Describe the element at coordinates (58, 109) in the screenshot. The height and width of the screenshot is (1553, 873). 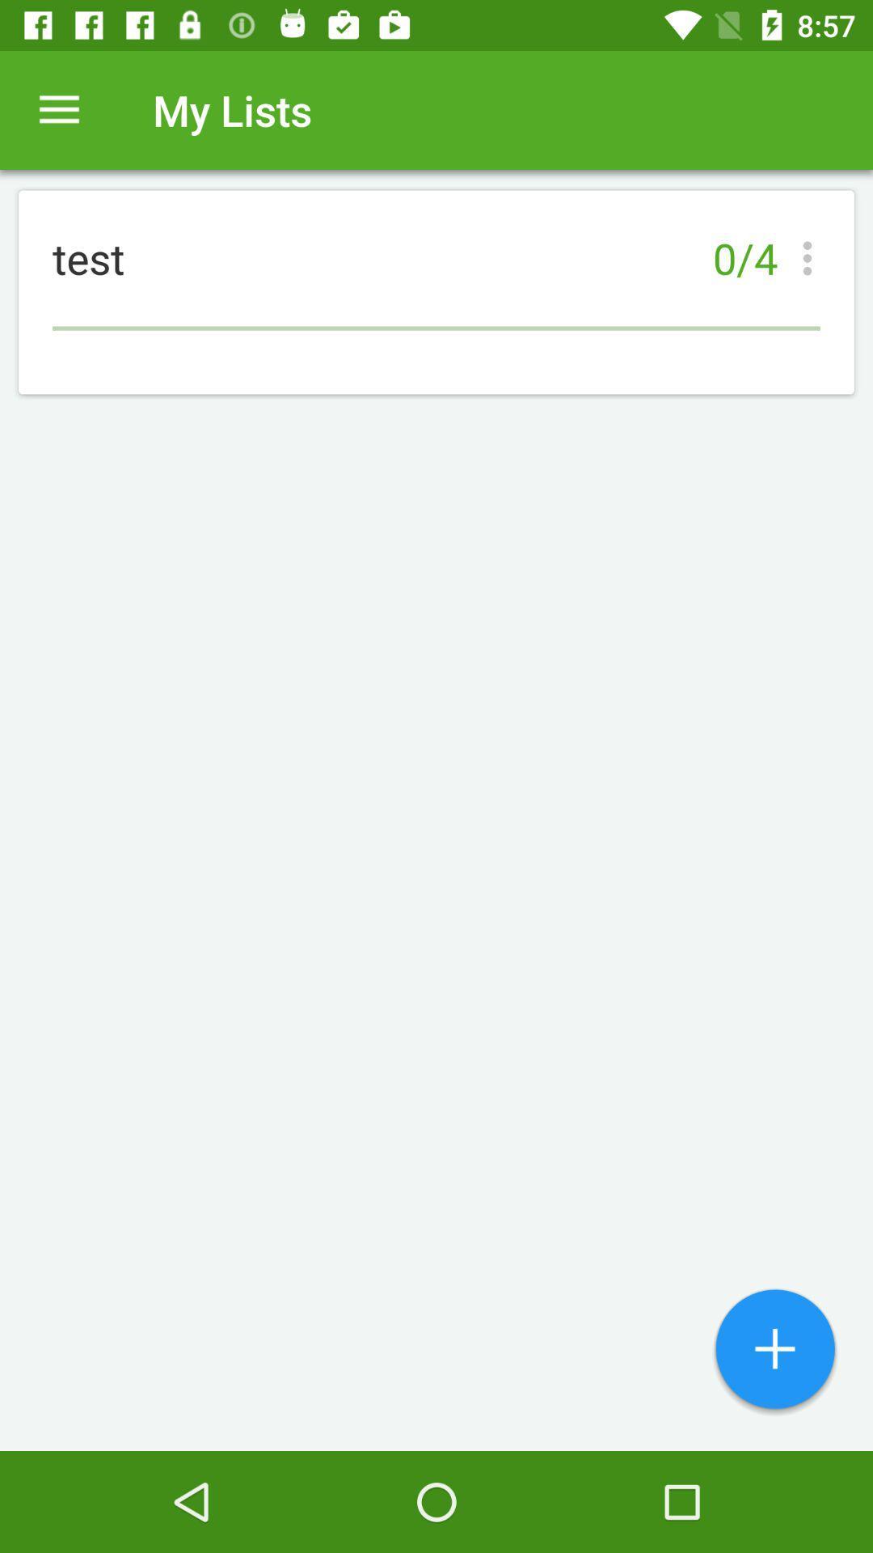
I see `the item to the left of the my lists` at that location.